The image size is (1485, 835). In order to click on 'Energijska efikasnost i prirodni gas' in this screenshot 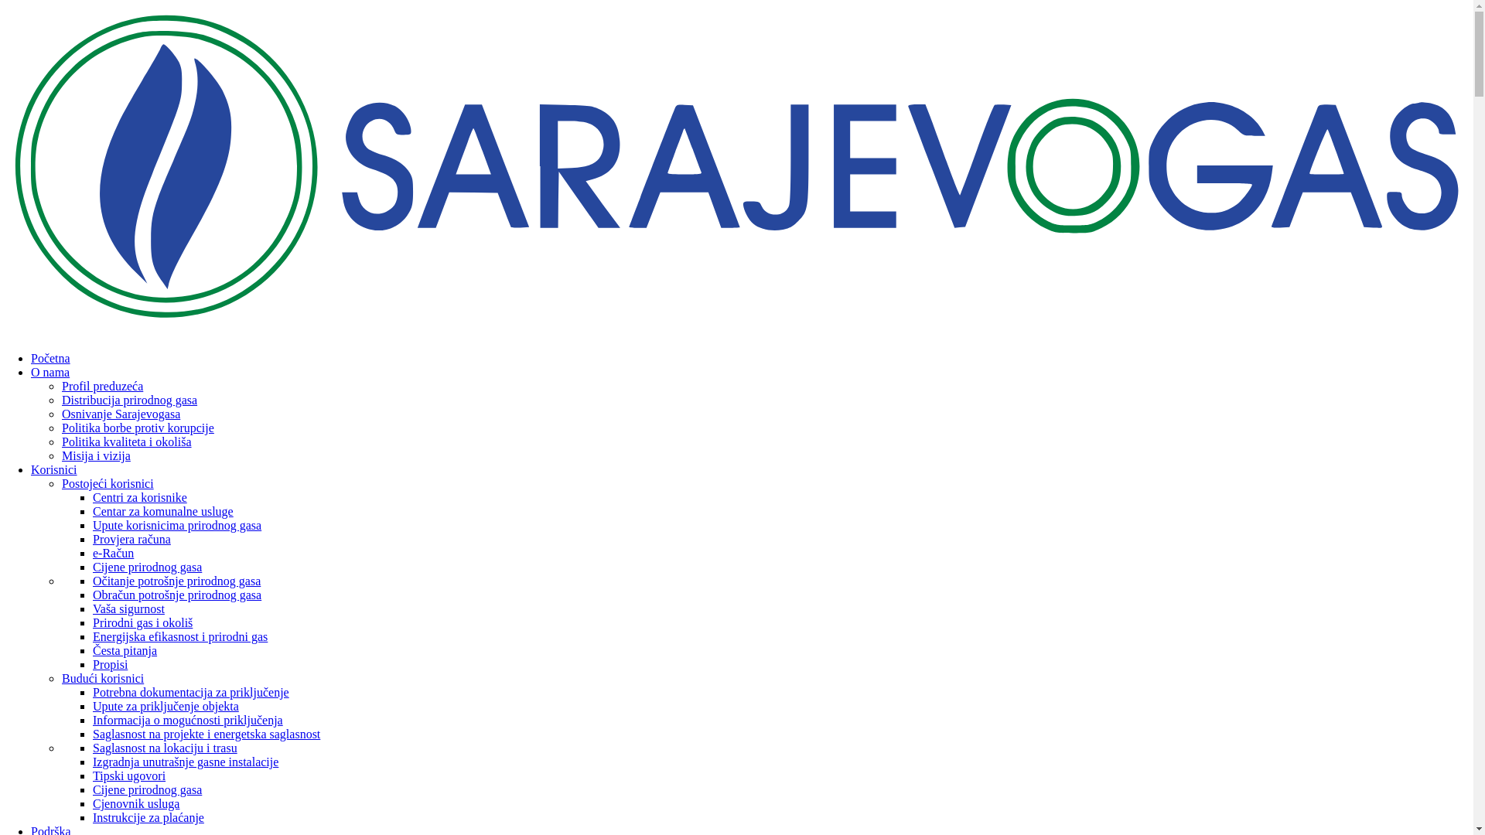, I will do `click(180, 636)`.